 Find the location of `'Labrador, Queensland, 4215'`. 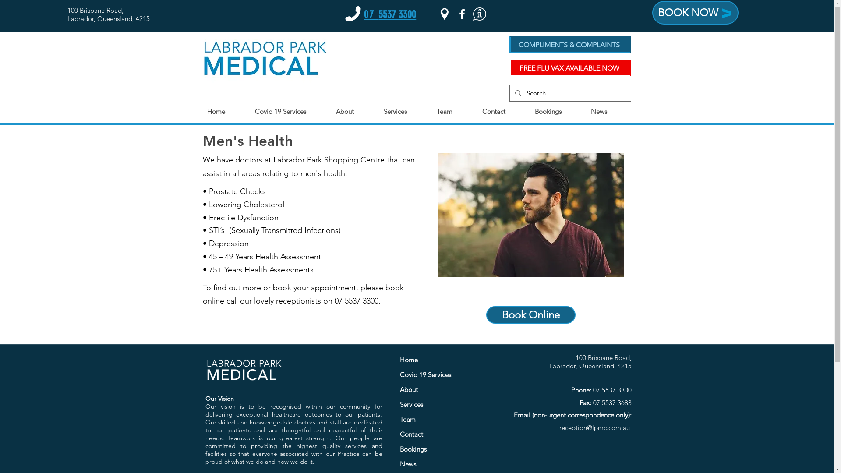

'Labrador, Queensland, 4215' is located at coordinates (108, 18).